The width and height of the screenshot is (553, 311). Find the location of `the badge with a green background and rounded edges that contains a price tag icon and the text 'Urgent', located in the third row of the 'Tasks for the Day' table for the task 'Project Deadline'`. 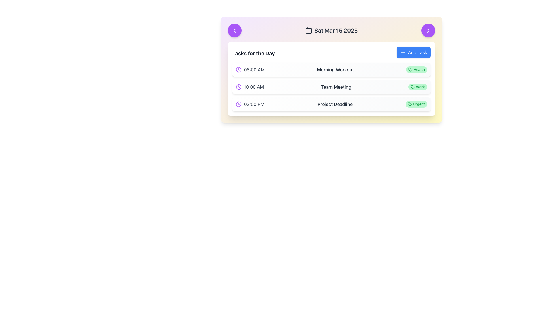

the badge with a green background and rounded edges that contains a price tag icon and the text 'Urgent', located in the third row of the 'Tasks for the Day' table for the task 'Project Deadline' is located at coordinates (416, 104).